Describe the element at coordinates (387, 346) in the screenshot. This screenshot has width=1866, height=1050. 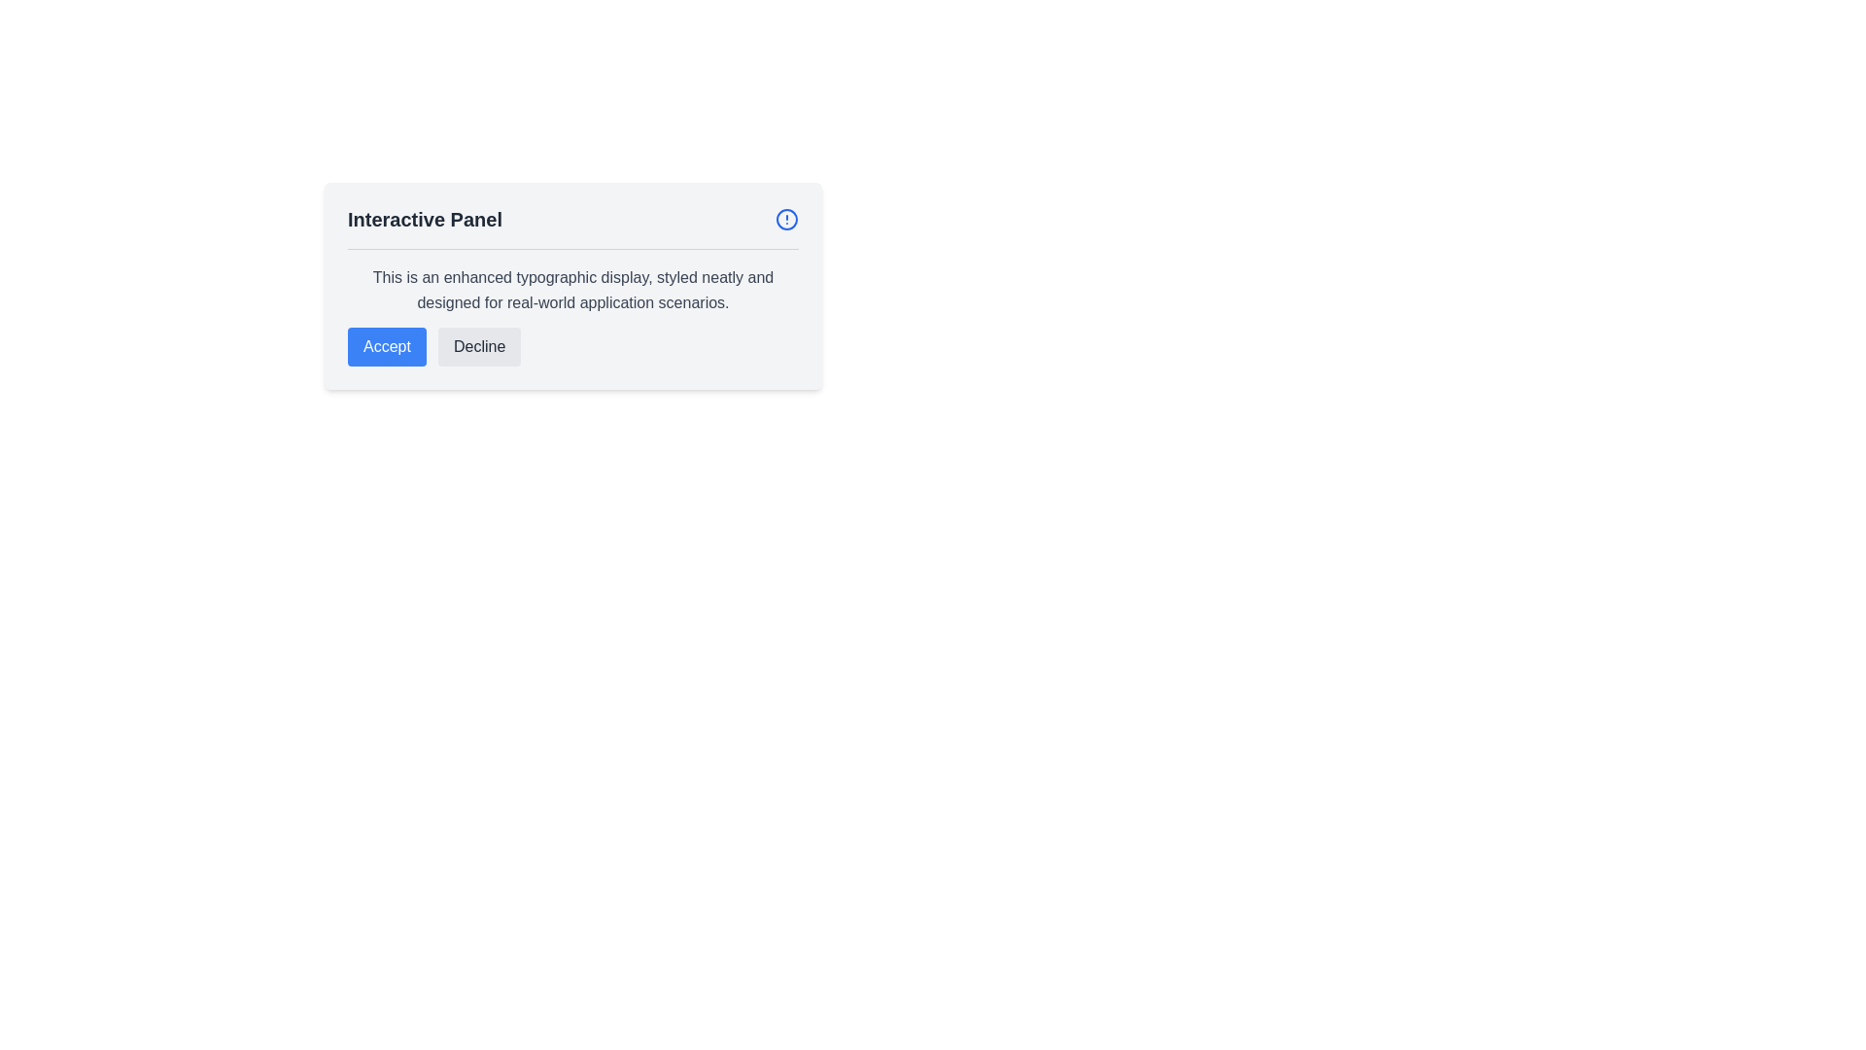
I see `the 'Accept' button, which has a blue background and white text, to visualize the hover effect` at that location.